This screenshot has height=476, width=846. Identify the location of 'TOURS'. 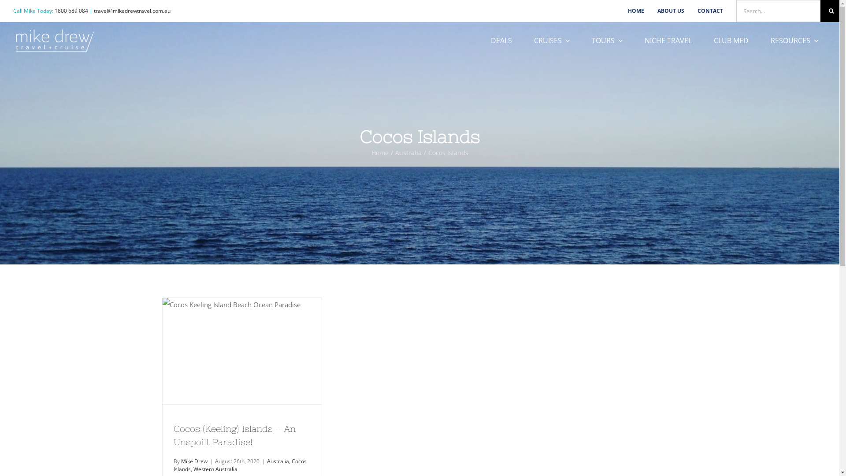
(606, 41).